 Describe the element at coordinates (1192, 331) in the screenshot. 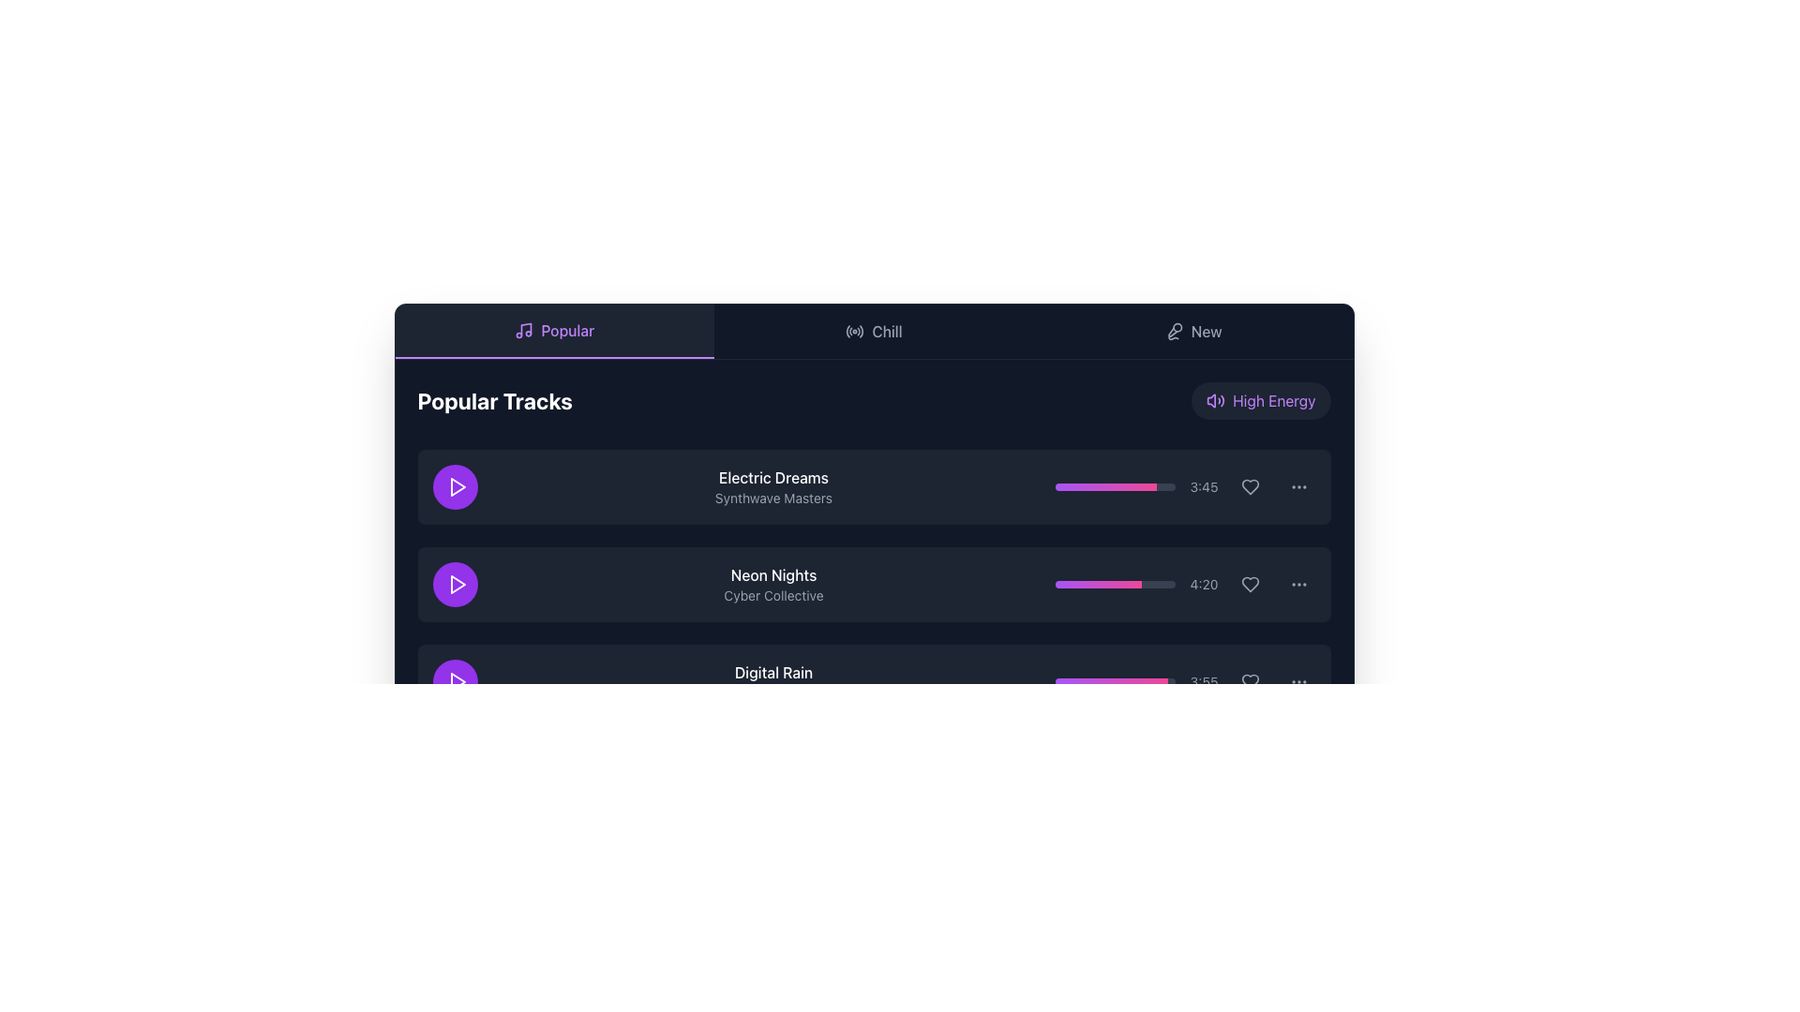

I see `the 'New' button in the top navigation menu` at that location.